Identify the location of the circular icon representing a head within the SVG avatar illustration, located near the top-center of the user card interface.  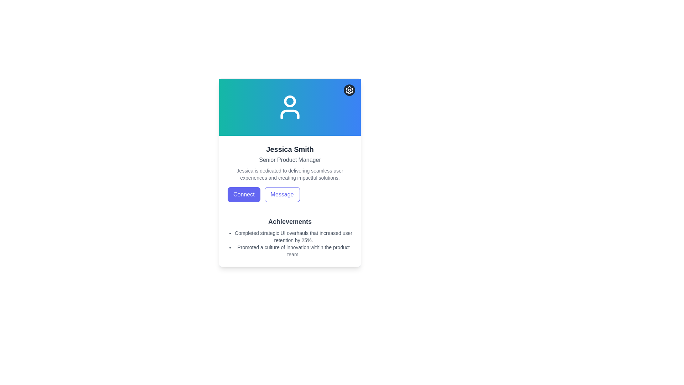
(290, 101).